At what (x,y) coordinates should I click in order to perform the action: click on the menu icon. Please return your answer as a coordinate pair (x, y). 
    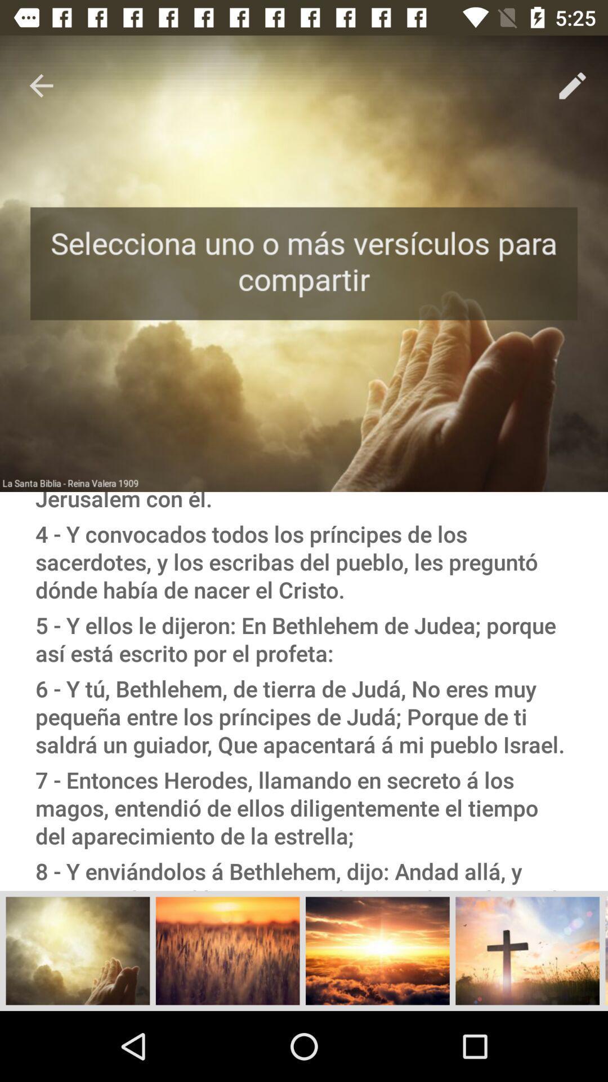
    Looking at the image, I should click on (606, 950).